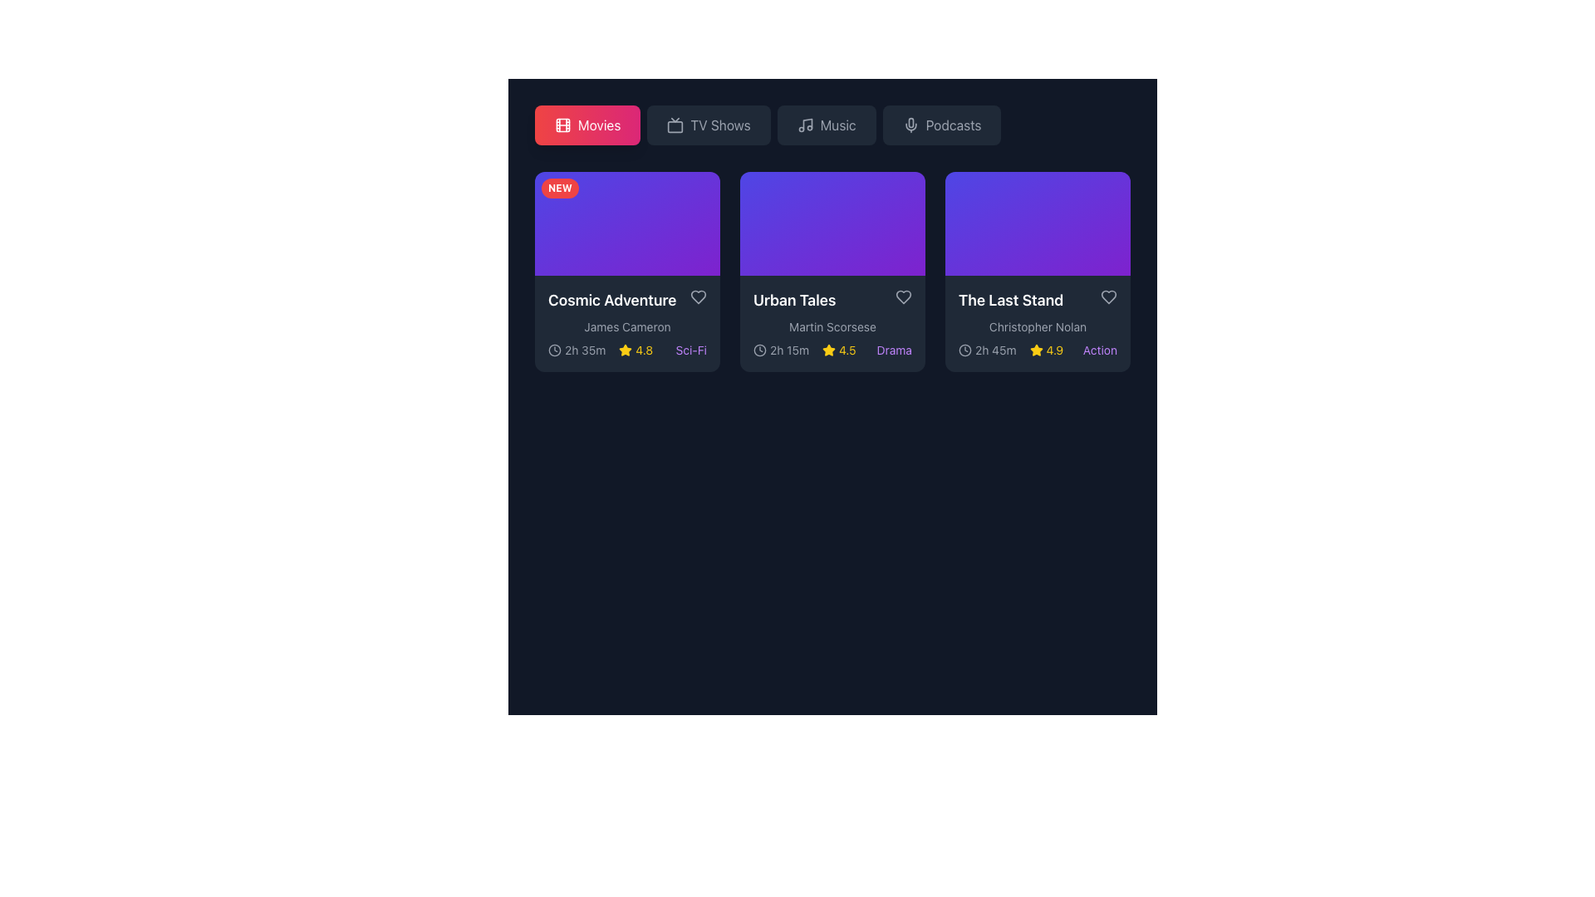 The width and height of the screenshot is (1595, 897). Describe the element at coordinates (585, 350) in the screenshot. I see `the text label displaying '2h 35m' indicating a duration, which is styled in gray and positioned beneath the movie title 'Cosmic Adventure' and to the right of a clock icon` at that location.